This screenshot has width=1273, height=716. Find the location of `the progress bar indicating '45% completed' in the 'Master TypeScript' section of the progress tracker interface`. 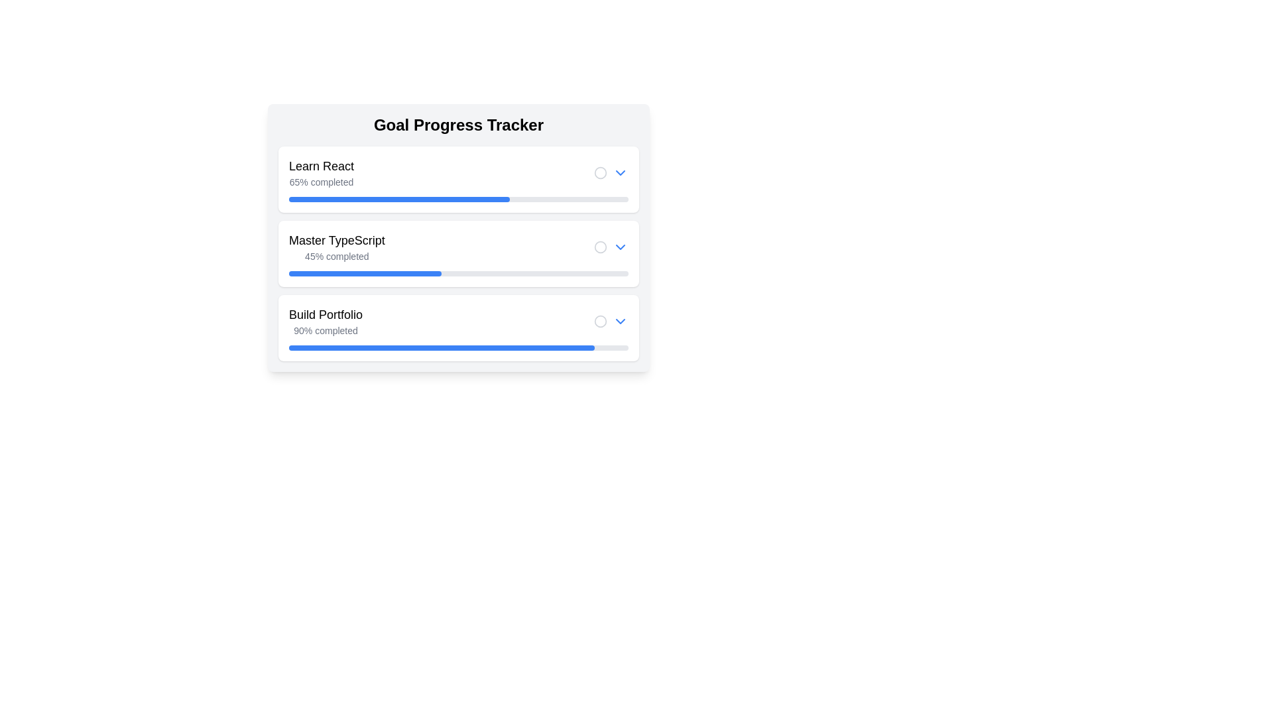

the progress bar indicating '45% completed' in the 'Master TypeScript' section of the progress tracker interface is located at coordinates (458, 272).